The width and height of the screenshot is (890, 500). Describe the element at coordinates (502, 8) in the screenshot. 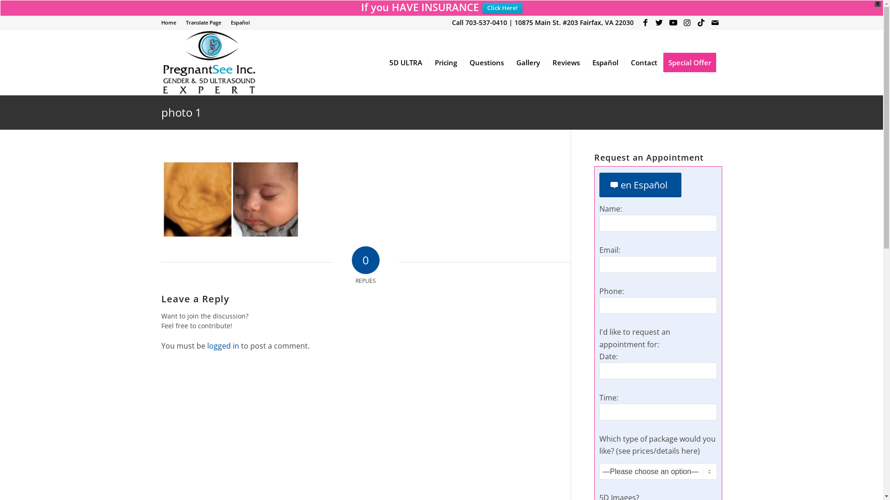

I see `'Click Here!'` at that location.